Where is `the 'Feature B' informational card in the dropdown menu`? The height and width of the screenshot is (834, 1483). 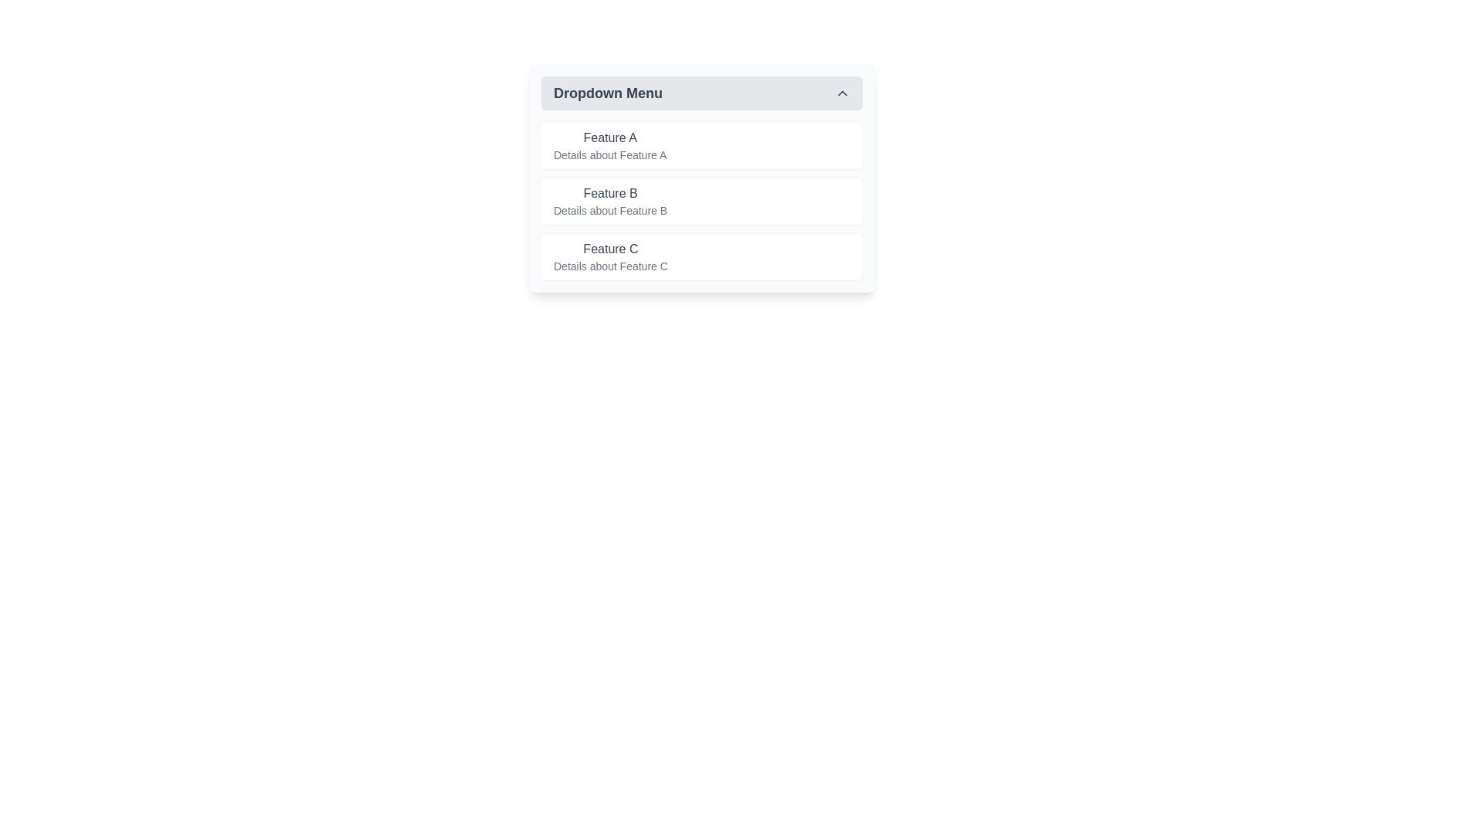
the 'Feature B' informational card in the dropdown menu is located at coordinates (701, 178).